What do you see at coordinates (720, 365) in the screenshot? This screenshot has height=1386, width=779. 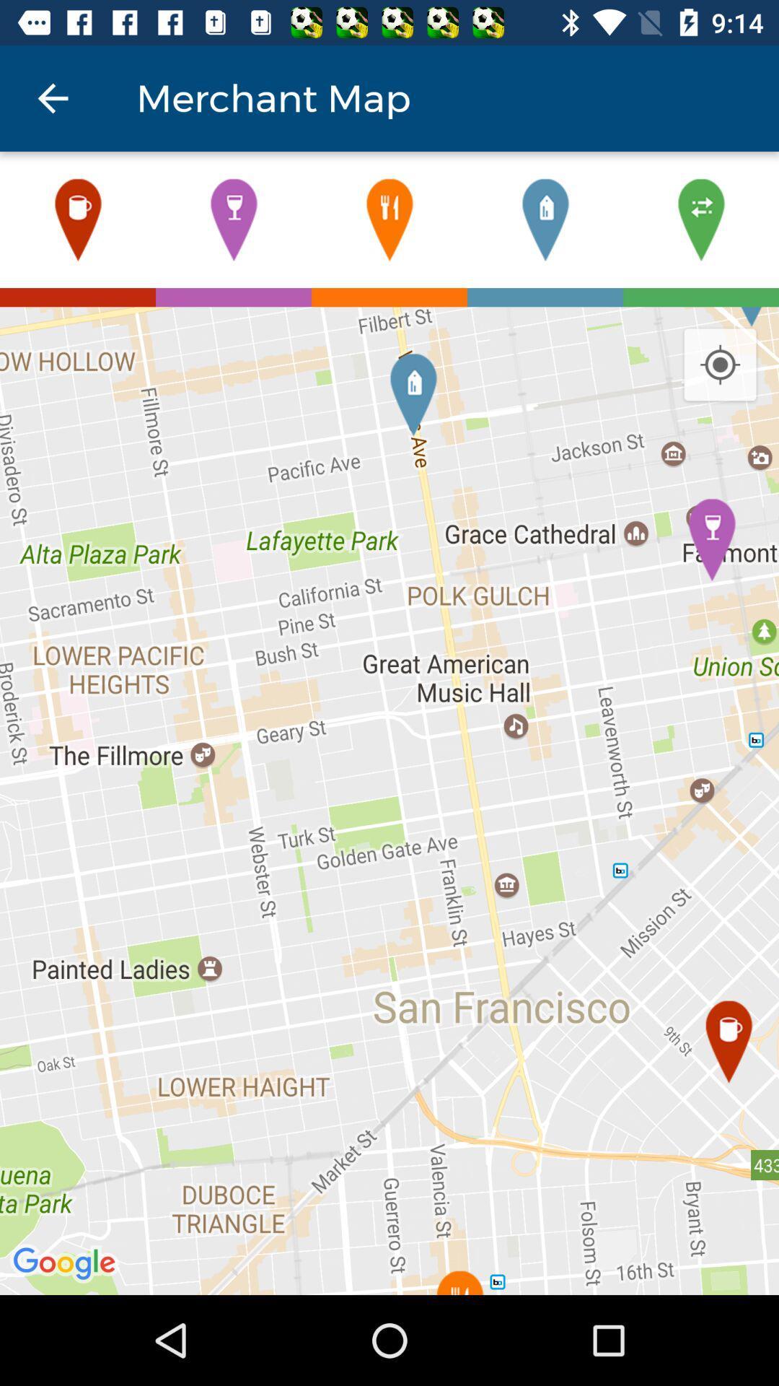 I see `the location_crosshair icon` at bounding box center [720, 365].